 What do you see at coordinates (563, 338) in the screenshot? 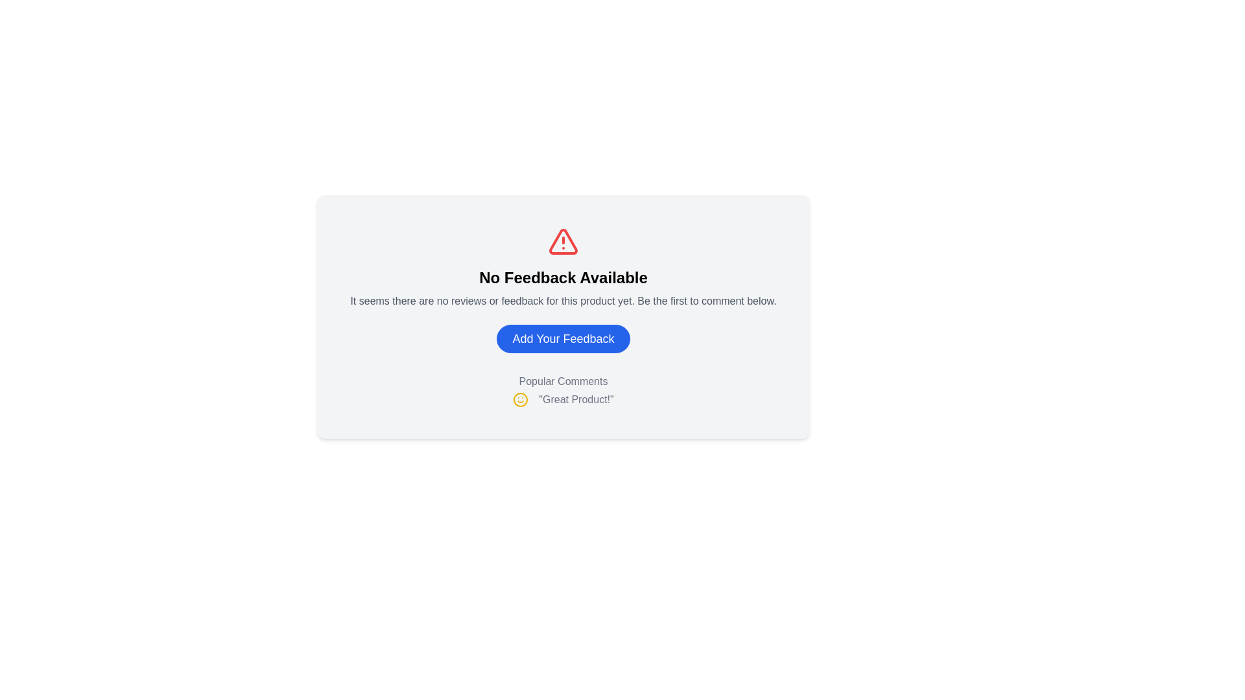
I see `the prominently styled 'Add Your Feedback' button with a blue background and white text to initiate the feedback process` at bounding box center [563, 338].